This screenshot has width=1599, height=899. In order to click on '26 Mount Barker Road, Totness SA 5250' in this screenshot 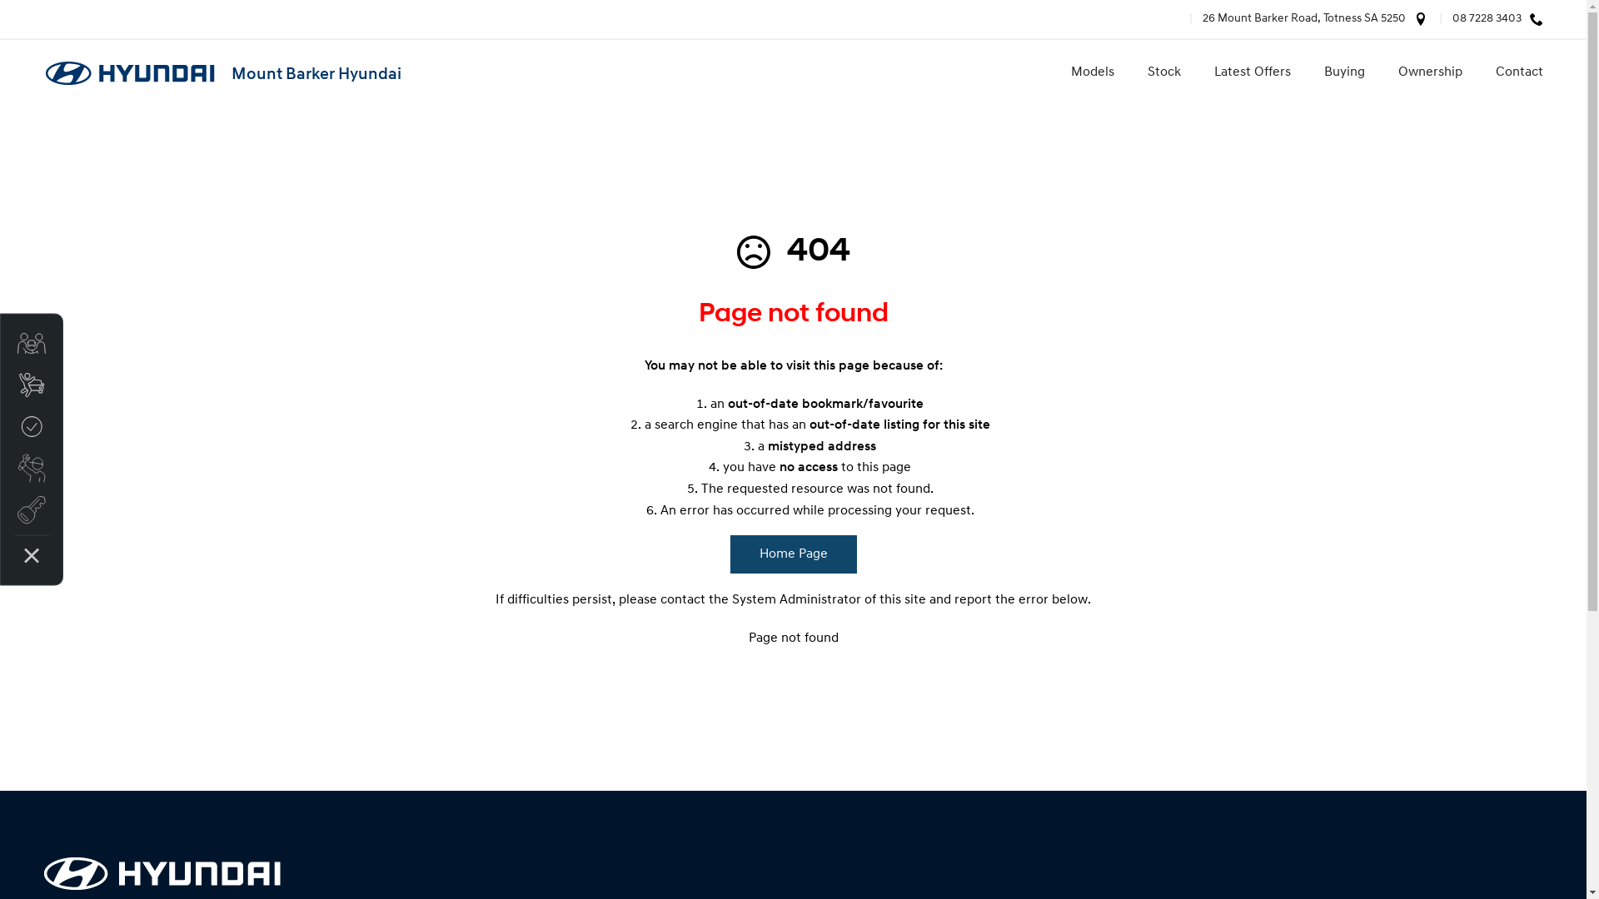, I will do `click(1296, 19)`.